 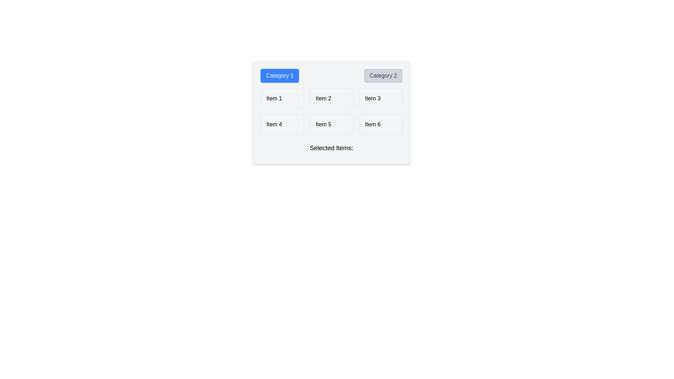 What do you see at coordinates (372, 99) in the screenshot?
I see `the 'Item 3' button, which is a static text label with a light gray background and rounded corners, located in the right column under the 'Category 2' header` at bounding box center [372, 99].